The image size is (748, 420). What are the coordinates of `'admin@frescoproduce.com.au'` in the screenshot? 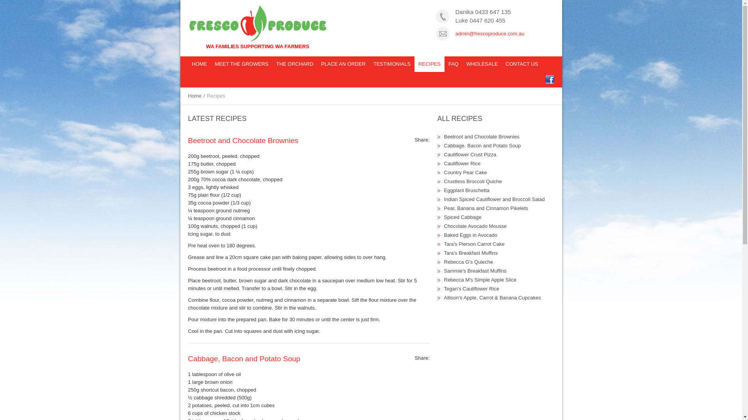 It's located at (489, 33).